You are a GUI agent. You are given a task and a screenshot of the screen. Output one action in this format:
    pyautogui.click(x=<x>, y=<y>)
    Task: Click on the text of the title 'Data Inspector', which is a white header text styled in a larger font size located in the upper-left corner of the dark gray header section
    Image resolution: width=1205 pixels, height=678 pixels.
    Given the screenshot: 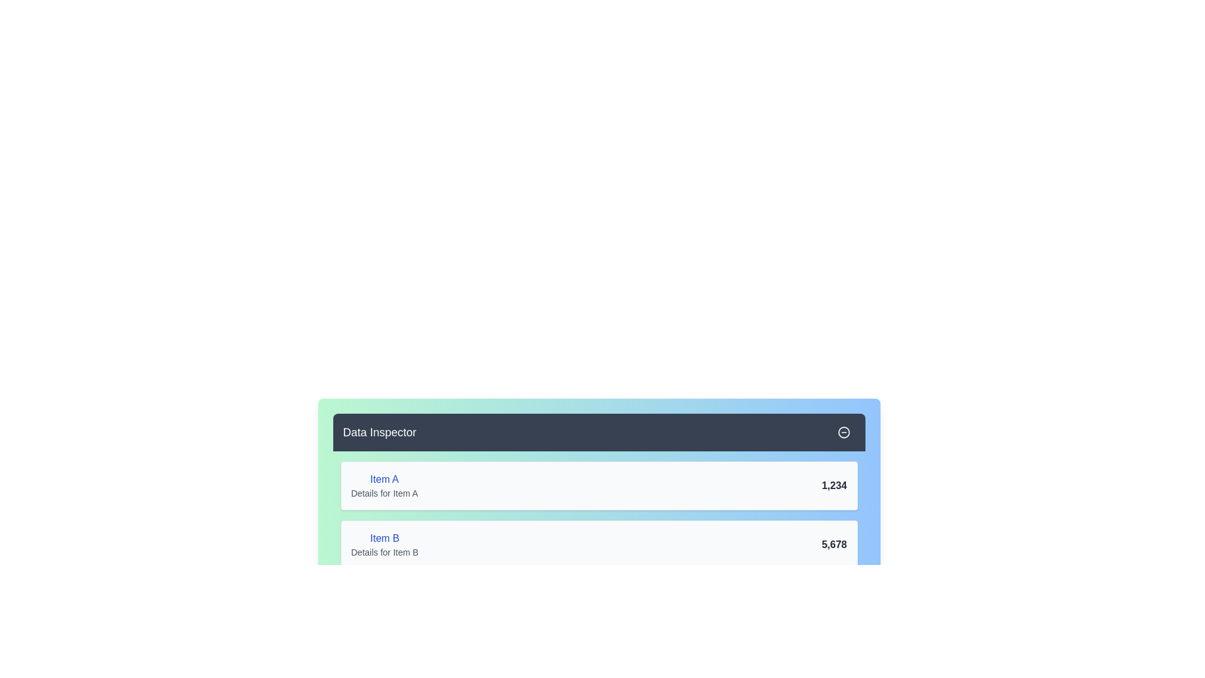 What is the action you would take?
    pyautogui.click(x=378, y=432)
    